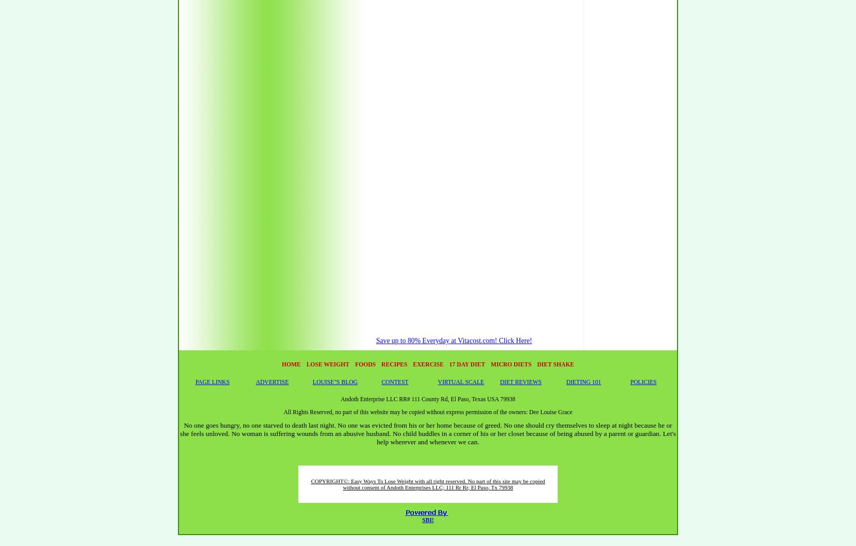 This screenshot has height=546, width=856. I want to click on 'CONTEST', so click(394, 381).